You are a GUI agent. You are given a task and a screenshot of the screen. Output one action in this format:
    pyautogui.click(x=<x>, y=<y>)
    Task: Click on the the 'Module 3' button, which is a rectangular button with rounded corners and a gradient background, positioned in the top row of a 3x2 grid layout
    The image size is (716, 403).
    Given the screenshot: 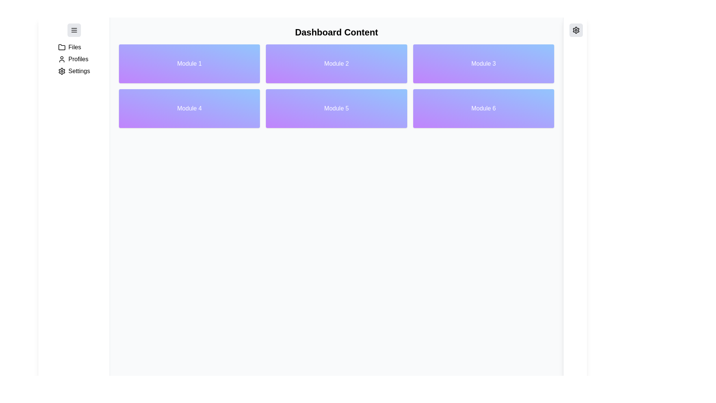 What is the action you would take?
    pyautogui.click(x=483, y=63)
    